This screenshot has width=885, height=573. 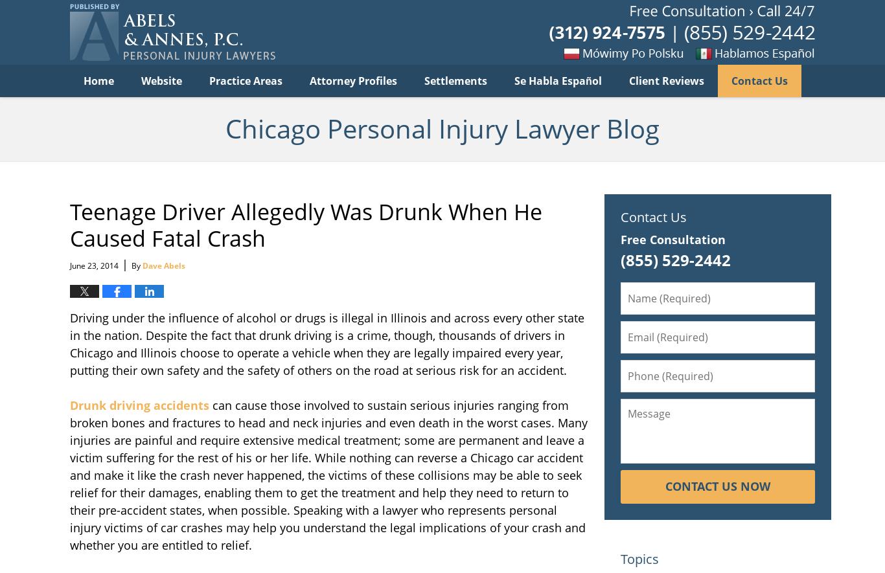 What do you see at coordinates (209, 80) in the screenshot?
I see `'Practice Areas'` at bounding box center [209, 80].